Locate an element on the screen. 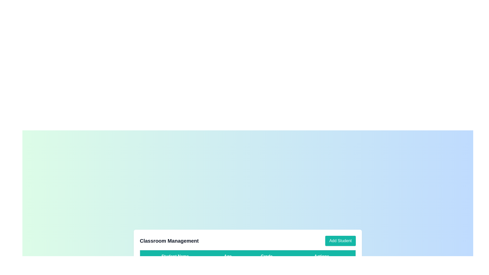 This screenshot has width=489, height=275. the table header row located below the 'Classroom Management' title, which includes the segments 'Student Name', 'Age', 'Grade', and 'Actions' is located at coordinates (248, 256).